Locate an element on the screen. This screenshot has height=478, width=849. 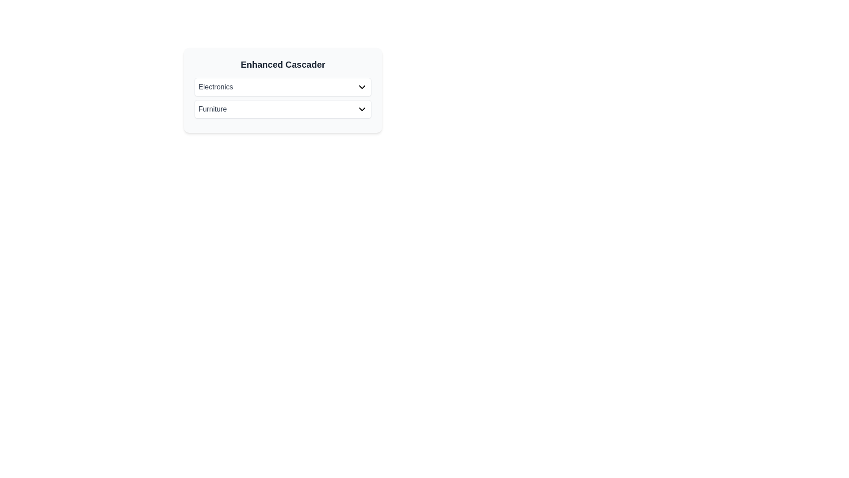
the static text label displaying 'Furniture' that is the second option in the dropdown menu, located to the left of the chevron icon is located at coordinates (212, 108).